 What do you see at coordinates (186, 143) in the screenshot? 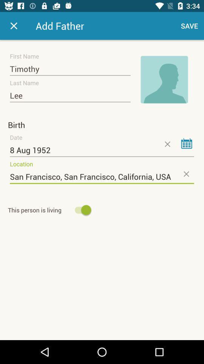
I see `date from calendar` at bounding box center [186, 143].